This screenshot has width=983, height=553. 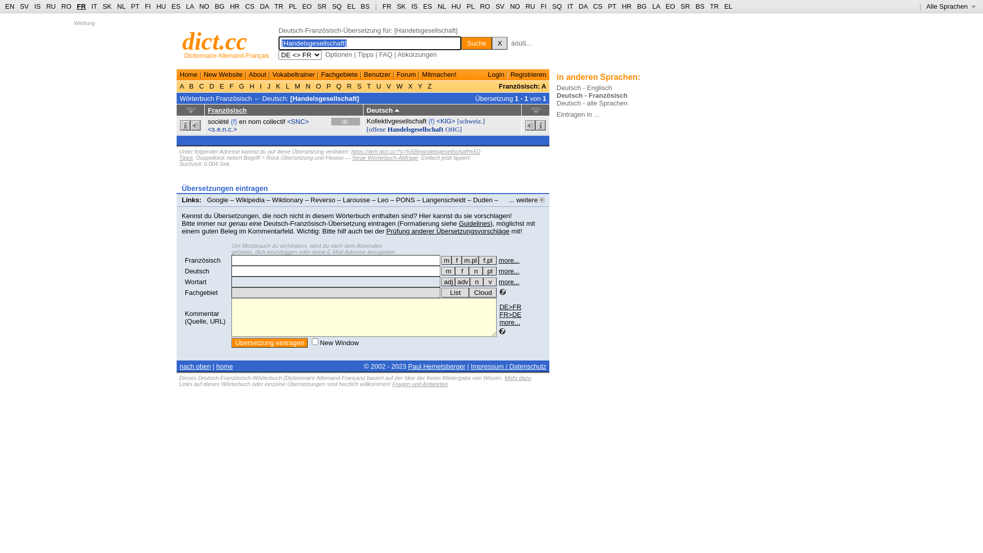 What do you see at coordinates (221, 86) in the screenshot?
I see `'E'` at bounding box center [221, 86].